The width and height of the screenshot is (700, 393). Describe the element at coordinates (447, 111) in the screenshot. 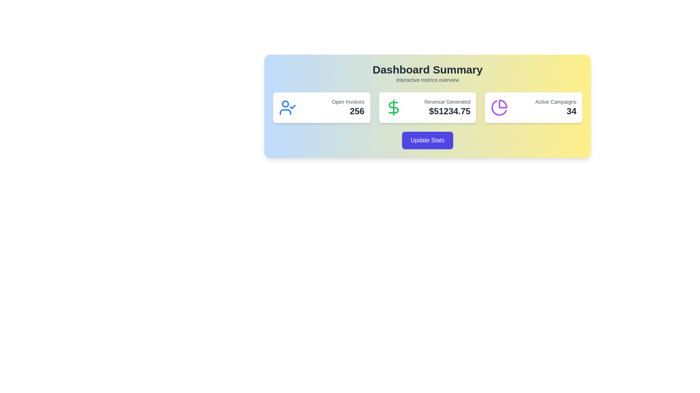

I see `the Text Label displaying the amount $51234.75, which is styled in bold, large dark gray font and located below 'Revenue Generated' and to the right of a green dollar sign` at that location.